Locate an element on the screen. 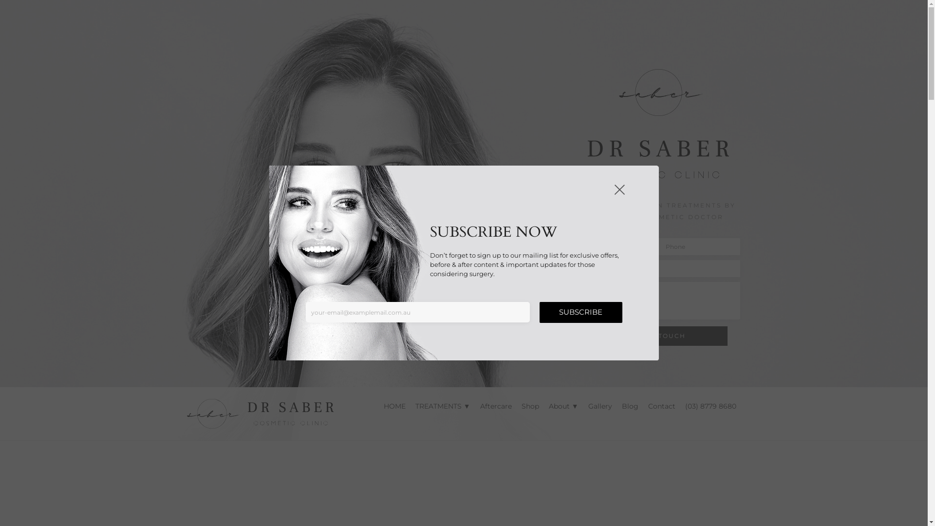 This screenshot has height=526, width=935. 'Shop' is located at coordinates (530, 406).